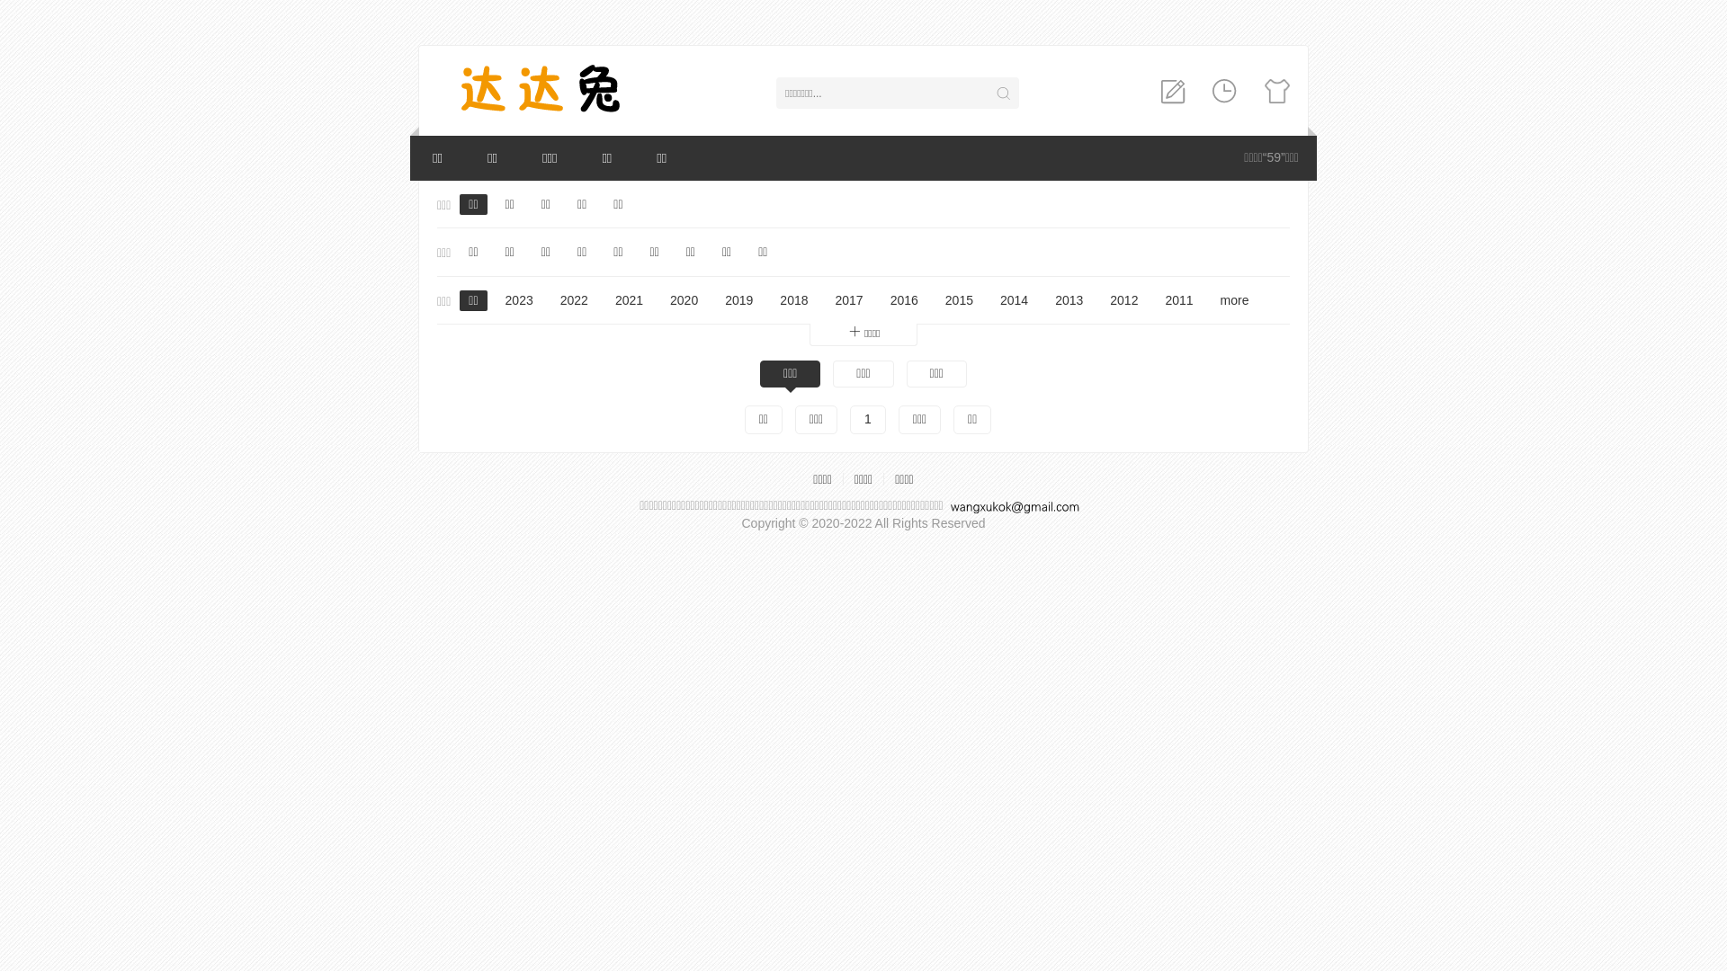  What do you see at coordinates (958, 300) in the screenshot?
I see `'2015'` at bounding box center [958, 300].